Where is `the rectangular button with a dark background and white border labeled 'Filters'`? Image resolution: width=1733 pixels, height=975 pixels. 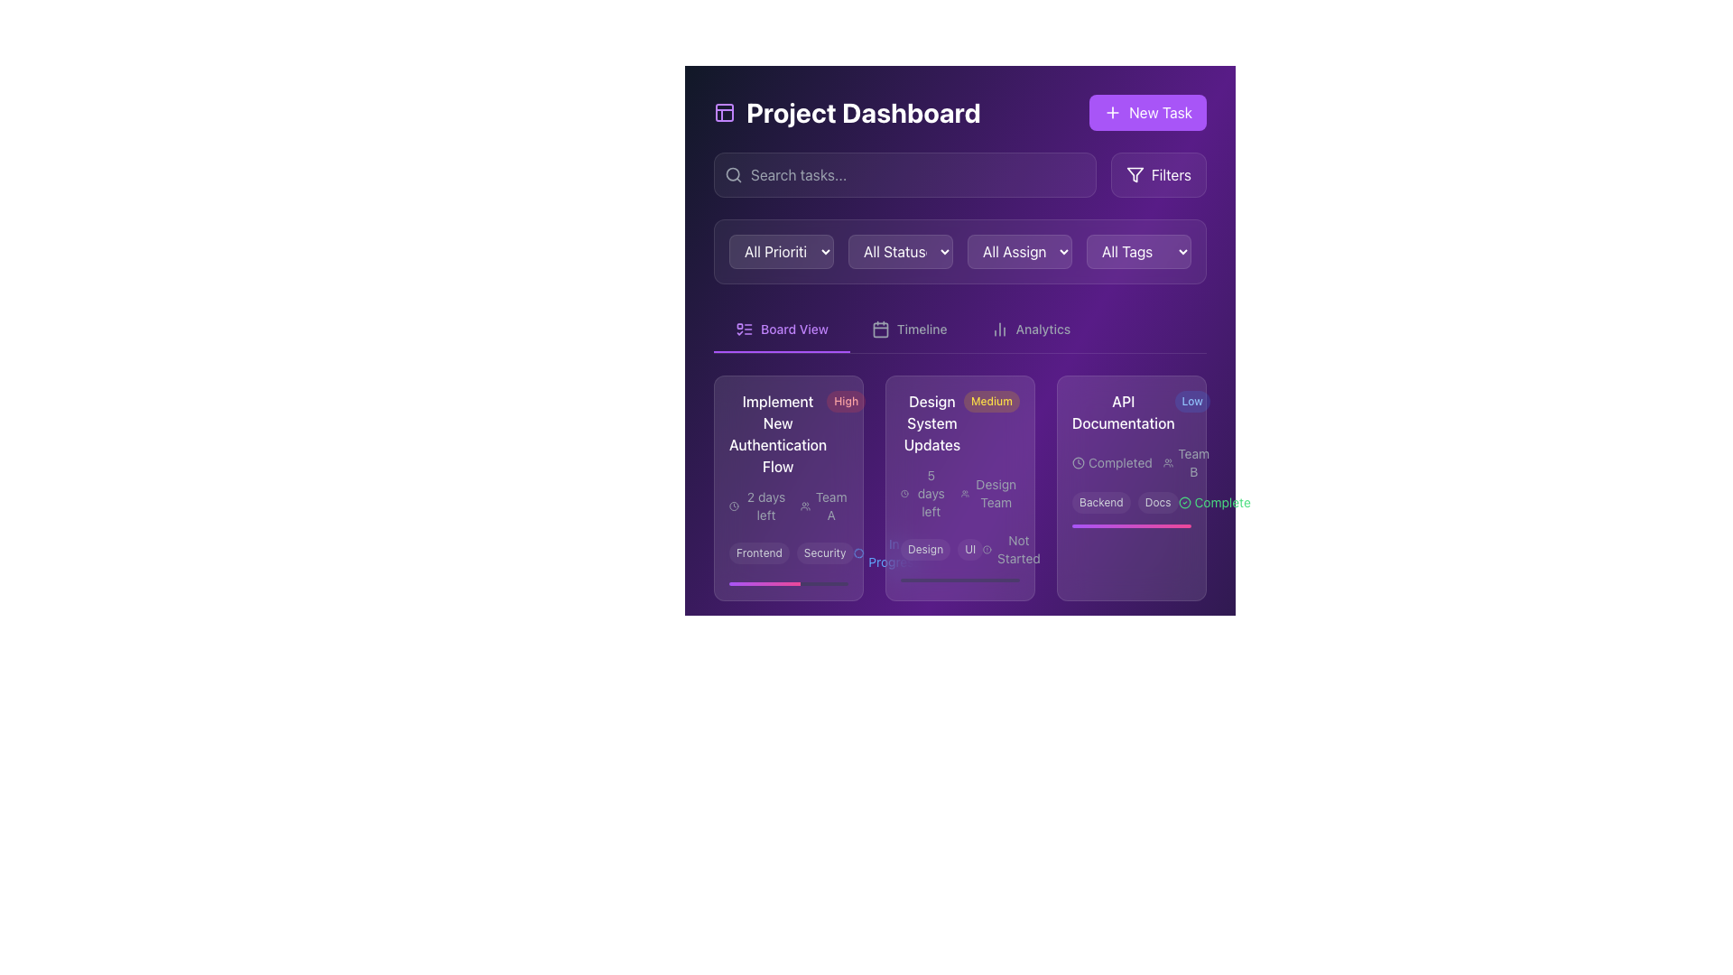 the rectangular button with a dark background and white border labeled 'Filters' is located at coordinates (1158, 174).